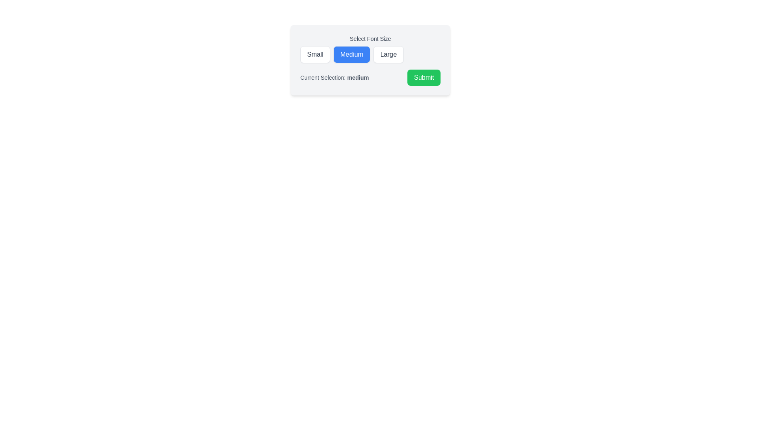 This screenshot has height=437, width=776. What do you see at coordinates (357, 78) in the screenshot?
I see `the text label 'medium' which is styled in bold and is part of the phrase 'Current Selection: medium', located below the font size selection buttons and to the left of the 'Submit' button` at bounding box center [357, 78].